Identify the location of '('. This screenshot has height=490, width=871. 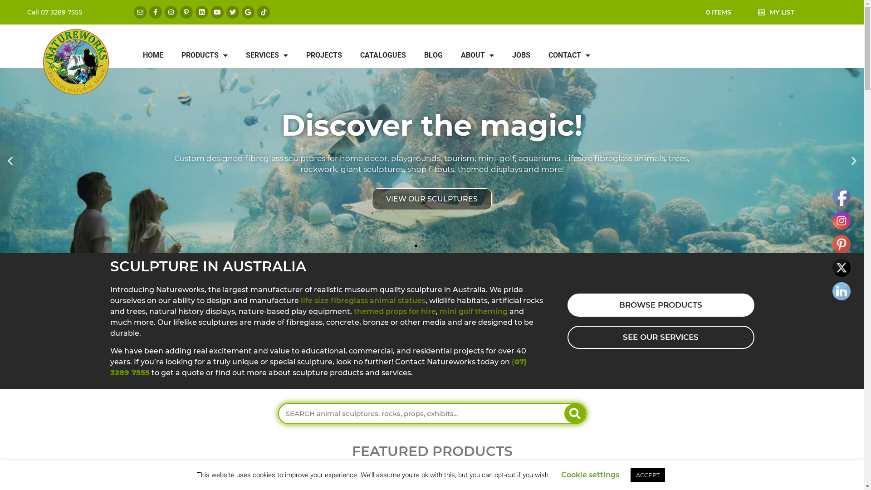
(513, 361).